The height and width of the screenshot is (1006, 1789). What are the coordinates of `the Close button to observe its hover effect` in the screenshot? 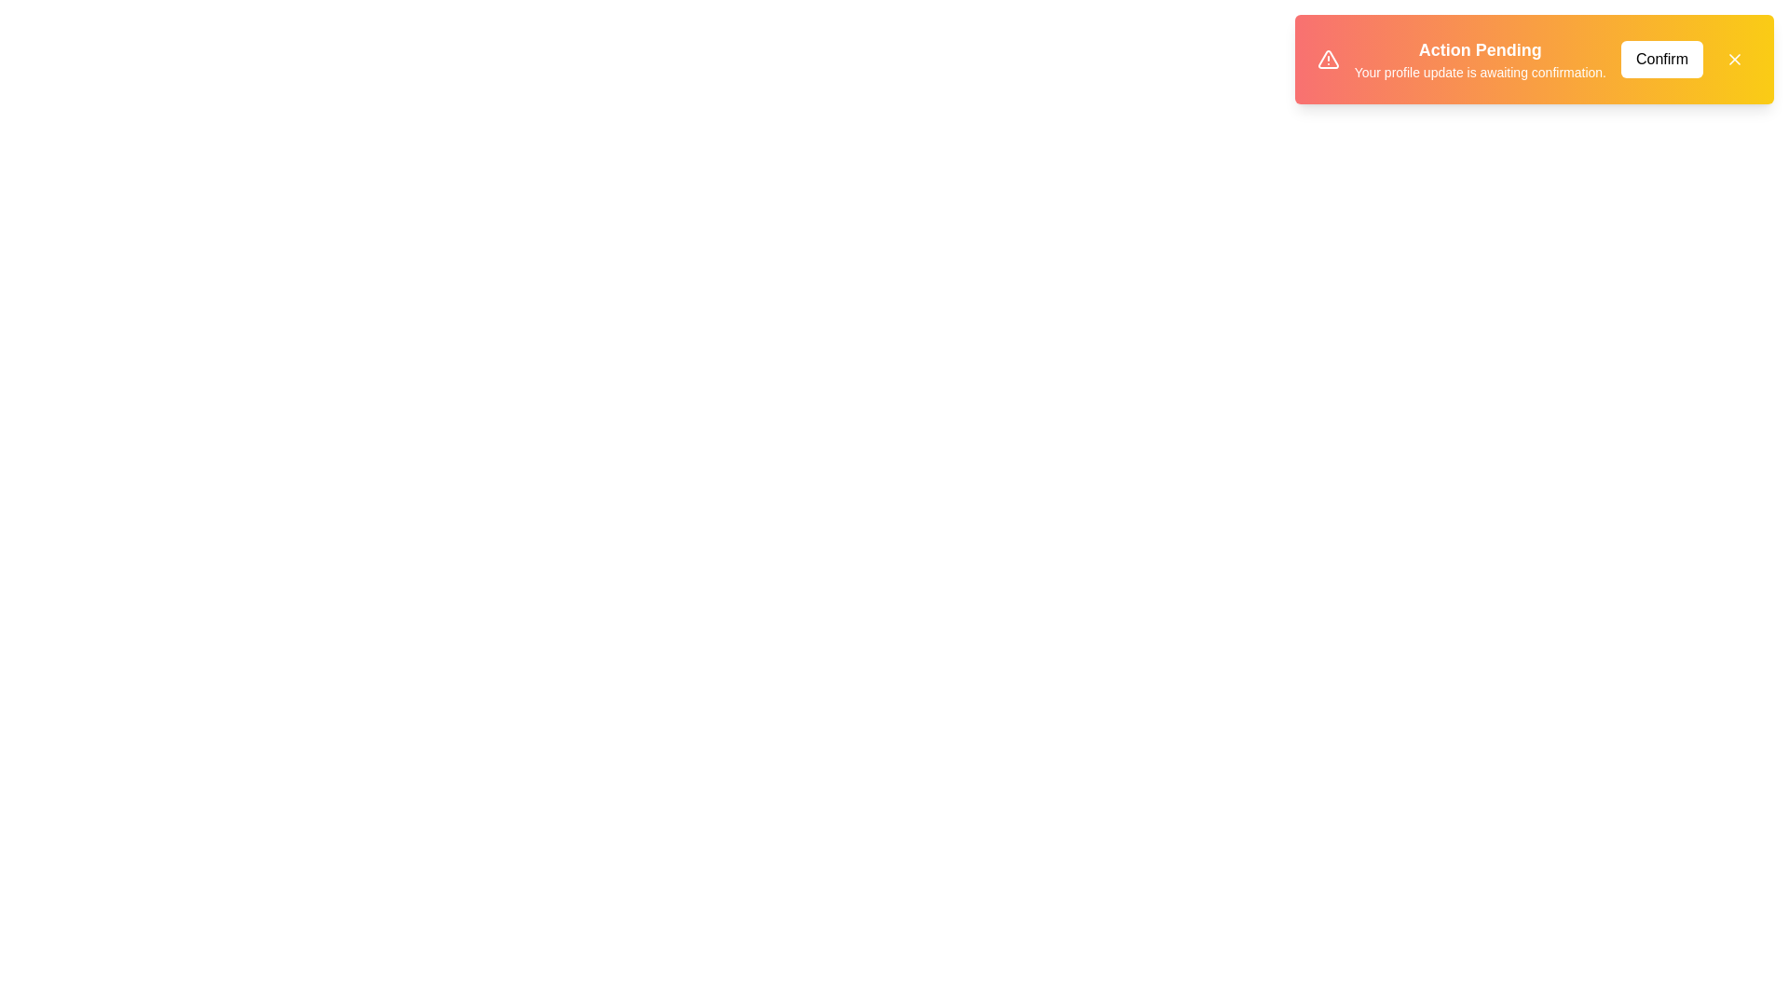 It's located at (1734, 59).